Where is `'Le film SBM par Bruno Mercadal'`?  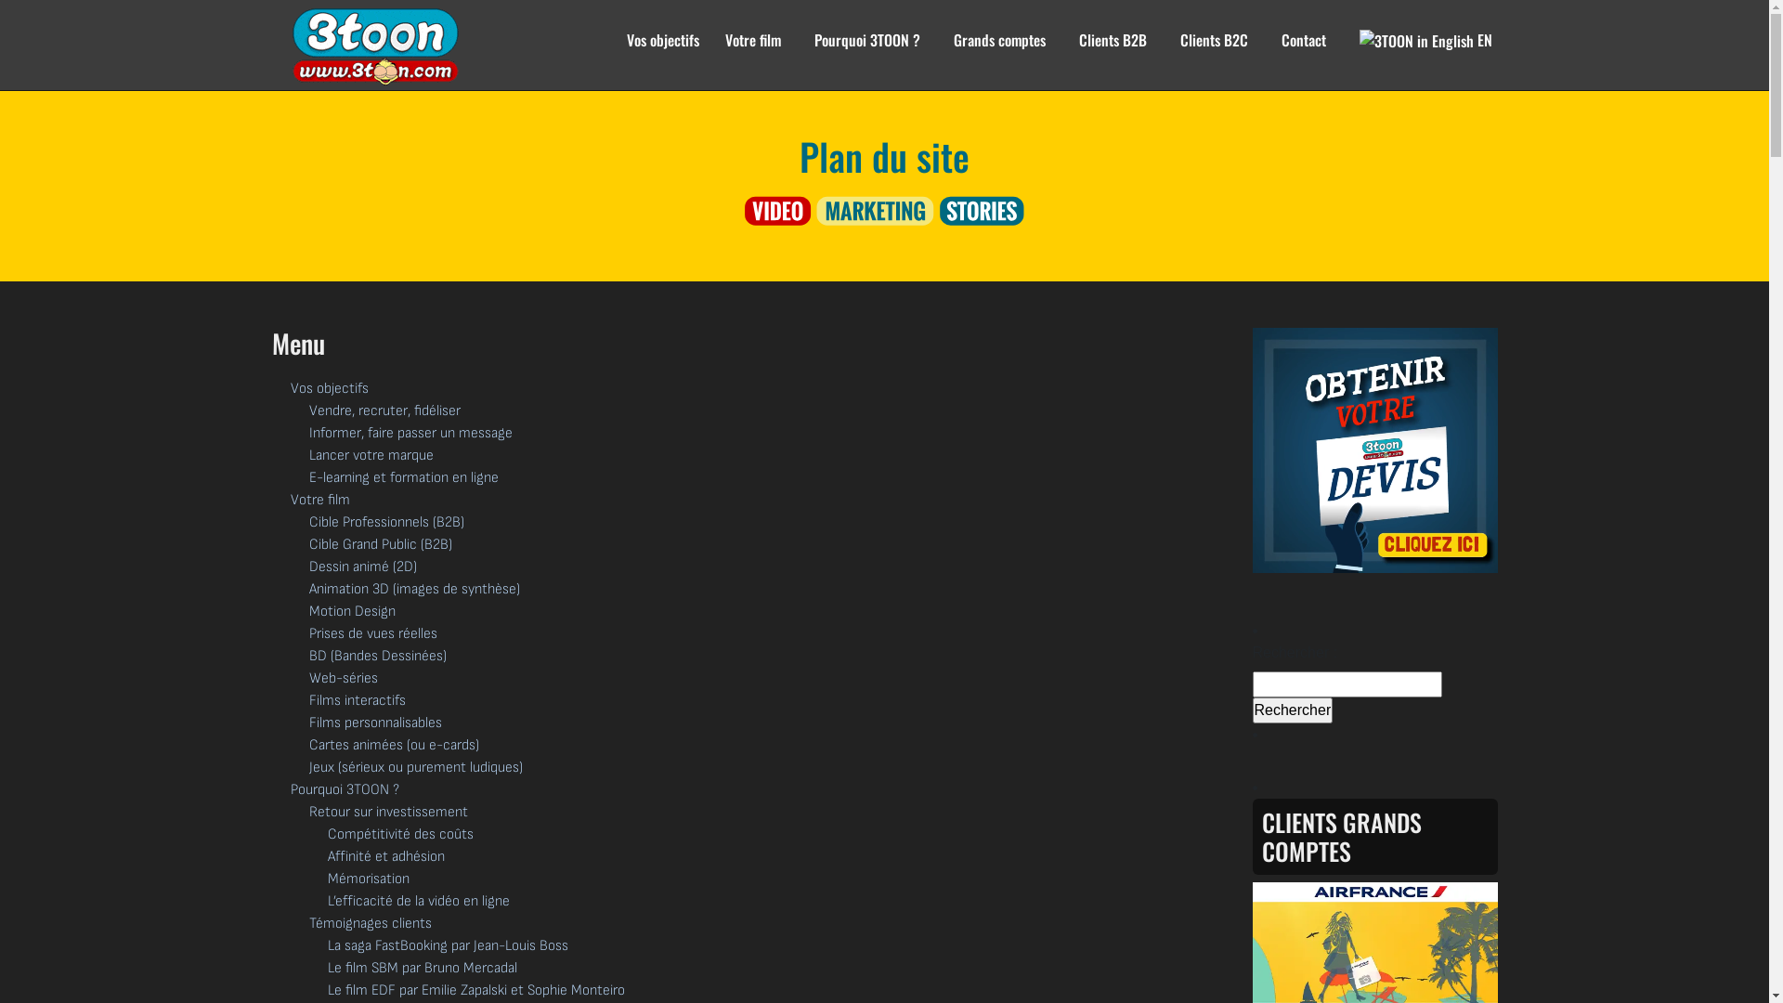
'Le film SBM par Bruno Mercadal' is located at coordinates (421, 967).